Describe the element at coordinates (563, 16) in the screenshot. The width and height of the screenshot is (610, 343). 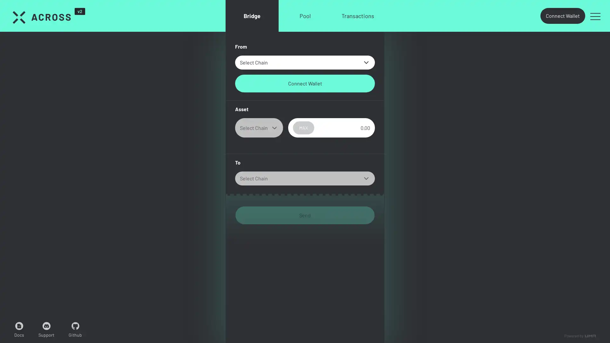
I see `Connect Wallet` at that location.